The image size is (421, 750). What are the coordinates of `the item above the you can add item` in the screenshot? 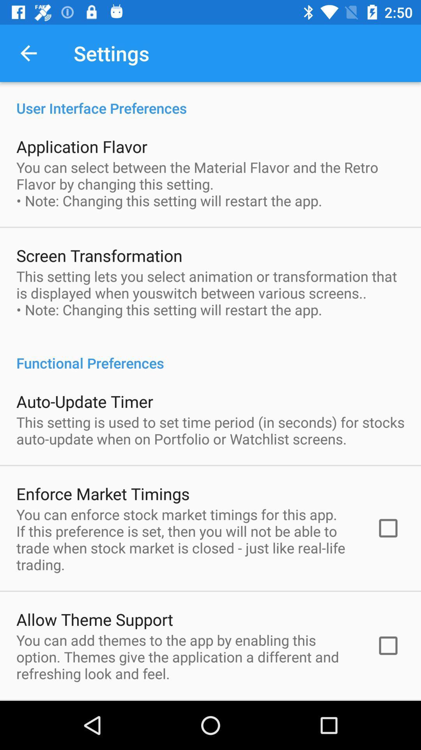 It's located at (94, 619).